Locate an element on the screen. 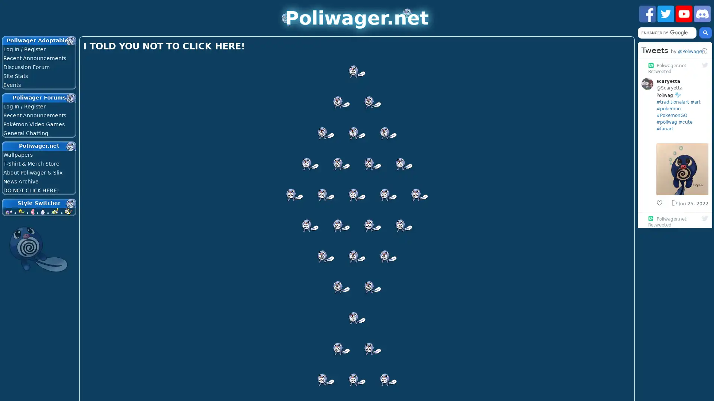 Image resolution: width=714 pixels, height=401 pixels. search is located at coordinates (705, 32).